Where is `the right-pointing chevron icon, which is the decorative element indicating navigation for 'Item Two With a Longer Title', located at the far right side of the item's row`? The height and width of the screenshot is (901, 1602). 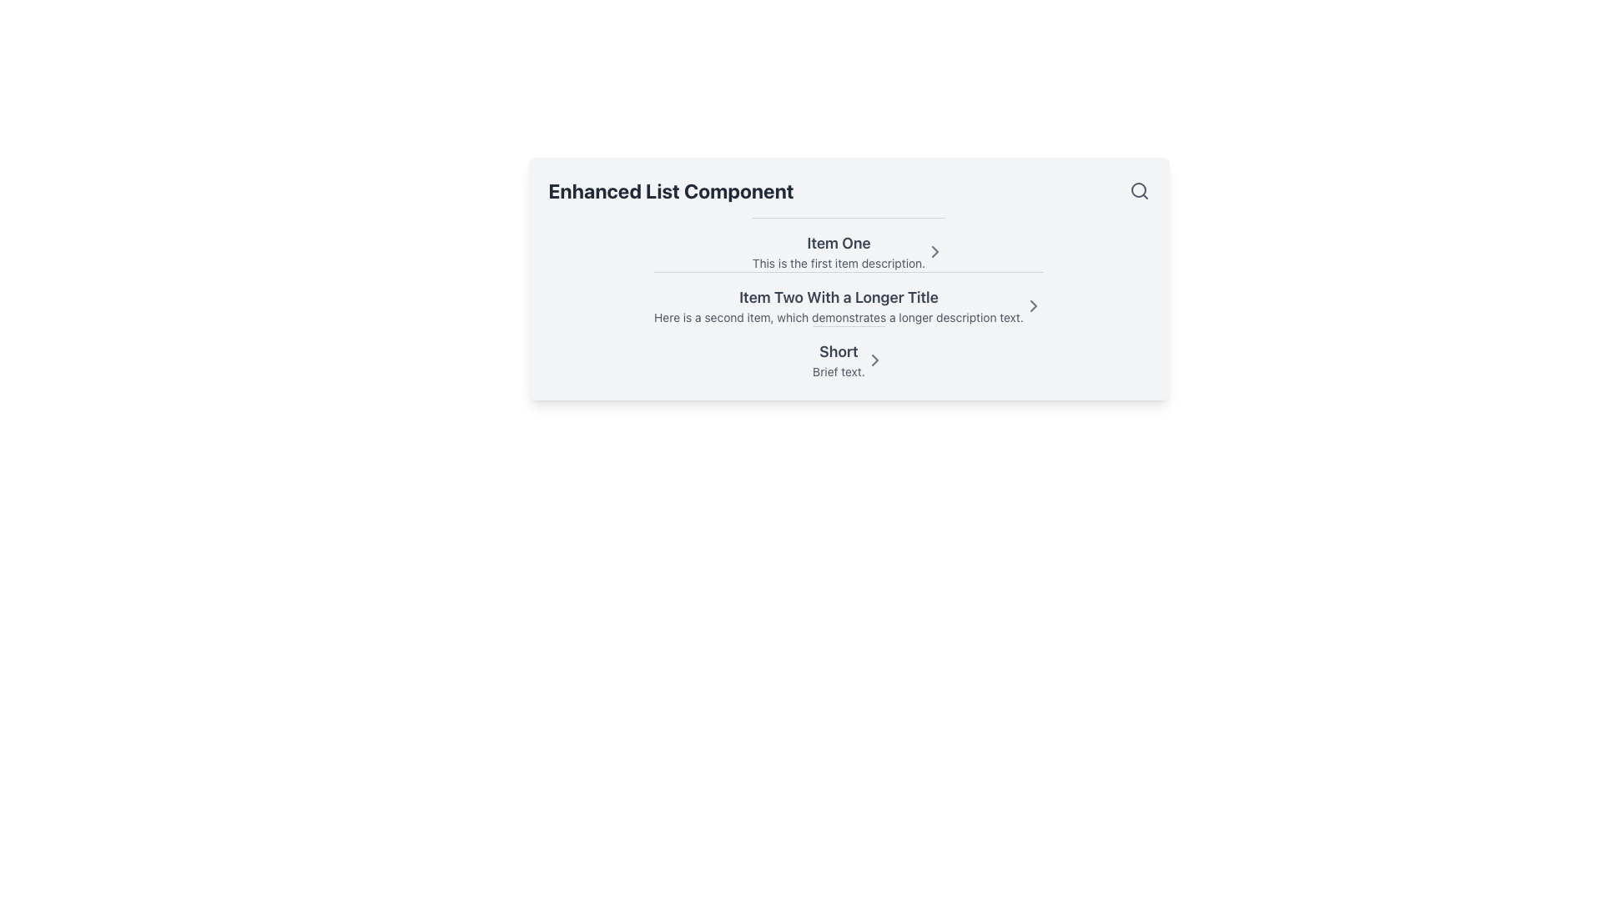 the right-pointing chevron icon, which is the decorative element indicating navigation for 'Item Two With a Longer Title', located at the far right side of the item's row is located at coordinates (1032, 305).